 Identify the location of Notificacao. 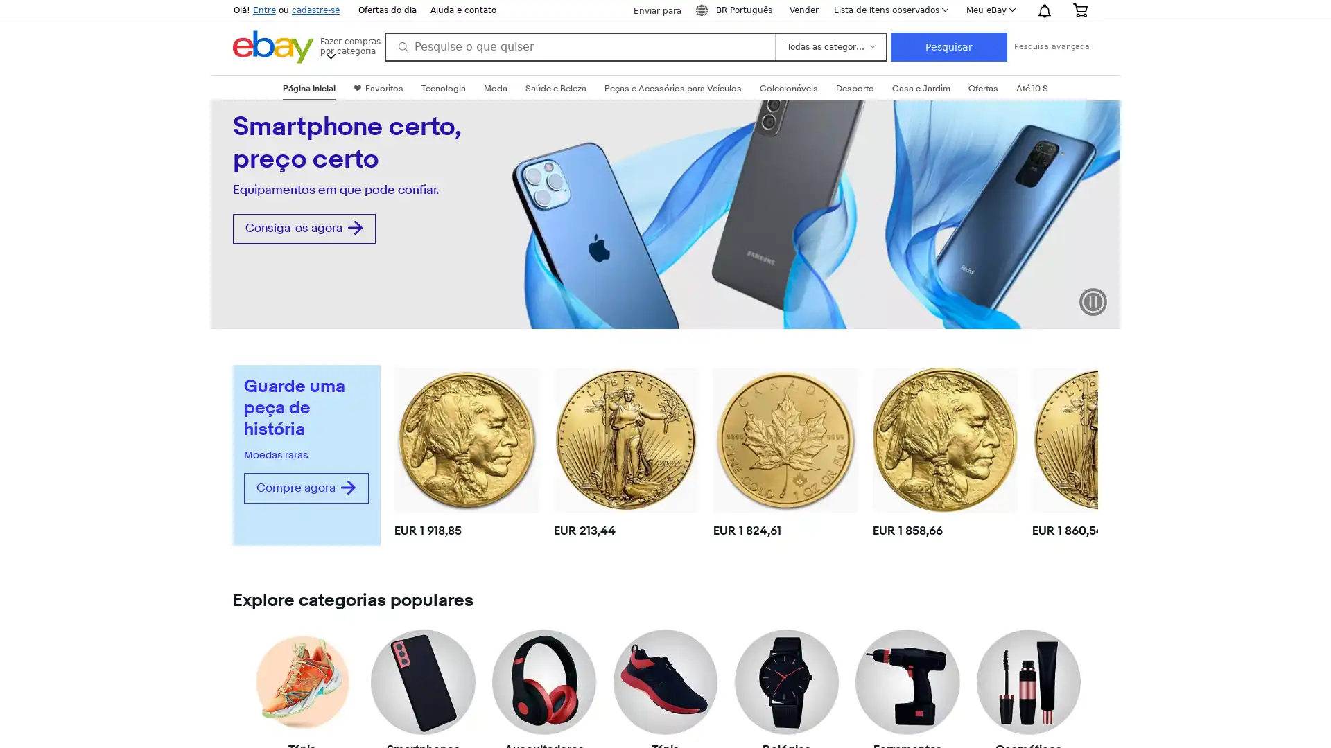
(1044, 10).